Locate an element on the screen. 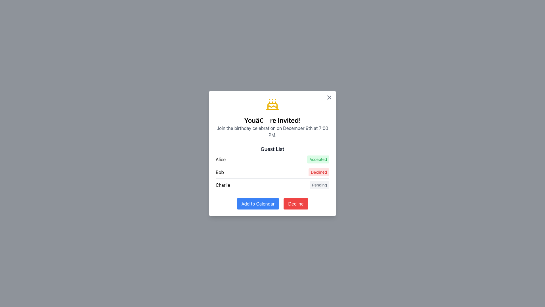  the 'Pending' status label in the 'Guest List' section, located in the row for 'Charlie', which is the third status indicator in the list is located at coordinates (319, 185).